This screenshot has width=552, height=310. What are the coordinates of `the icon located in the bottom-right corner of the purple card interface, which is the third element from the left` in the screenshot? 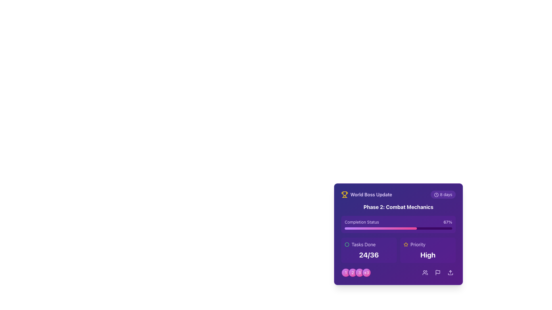 It's located at (437, 272).